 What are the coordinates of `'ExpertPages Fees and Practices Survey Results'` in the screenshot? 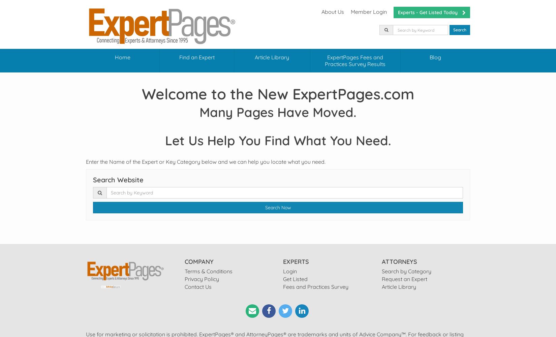 It's located at (355, 61).